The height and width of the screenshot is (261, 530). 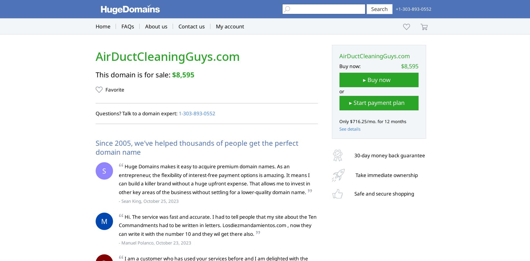 I want to click on '+1-303-893-0552', so click(x=413, y=8).